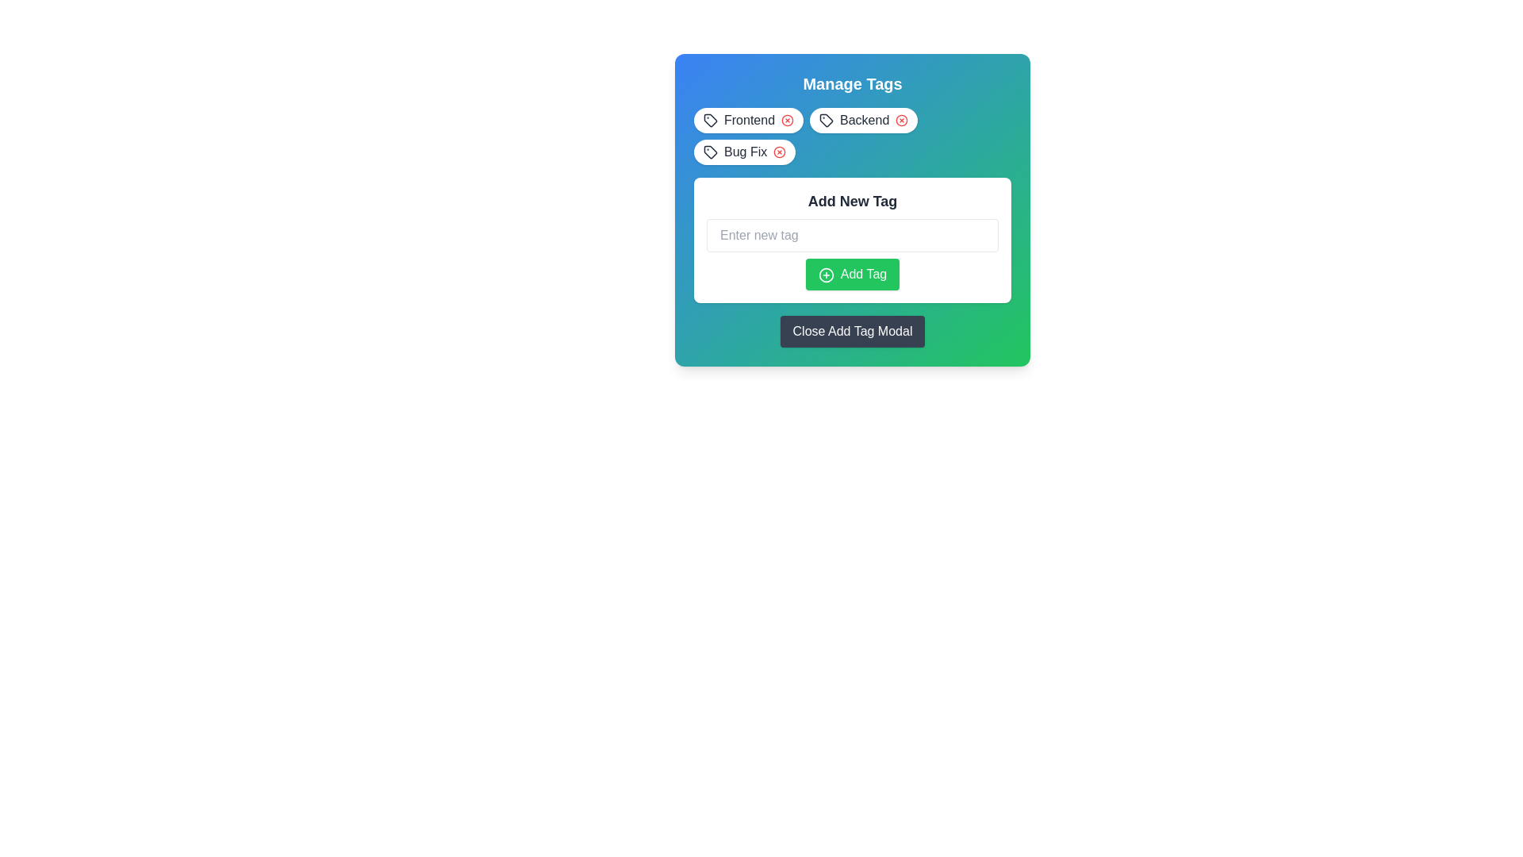  What do you see at coordinates (864, 119) in the screenshot?
I see `text label indicating the category or title of the 'Backend' tag, which is centrally positioned in the 'Manage Tags' section` at bounding box center [864, 119].